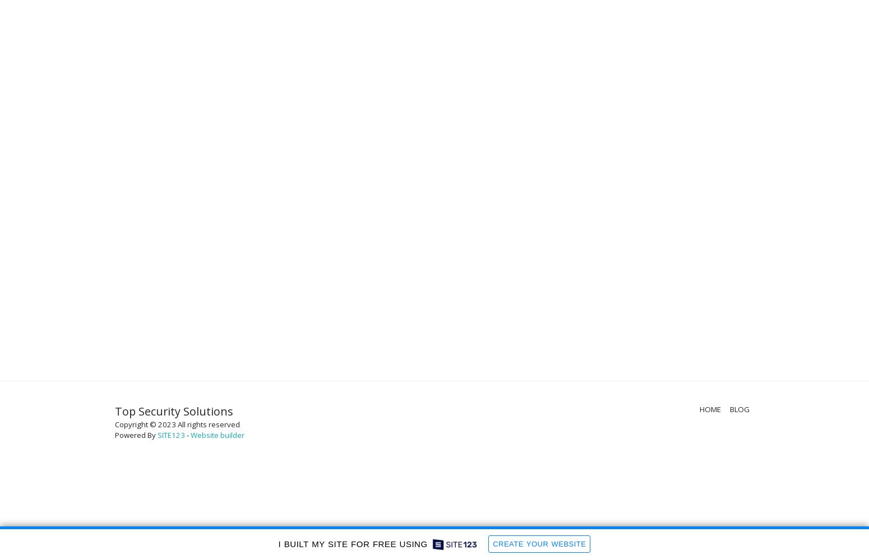 This screenshot has width=869, height=560. I want to click on '-', so click(187, 435).